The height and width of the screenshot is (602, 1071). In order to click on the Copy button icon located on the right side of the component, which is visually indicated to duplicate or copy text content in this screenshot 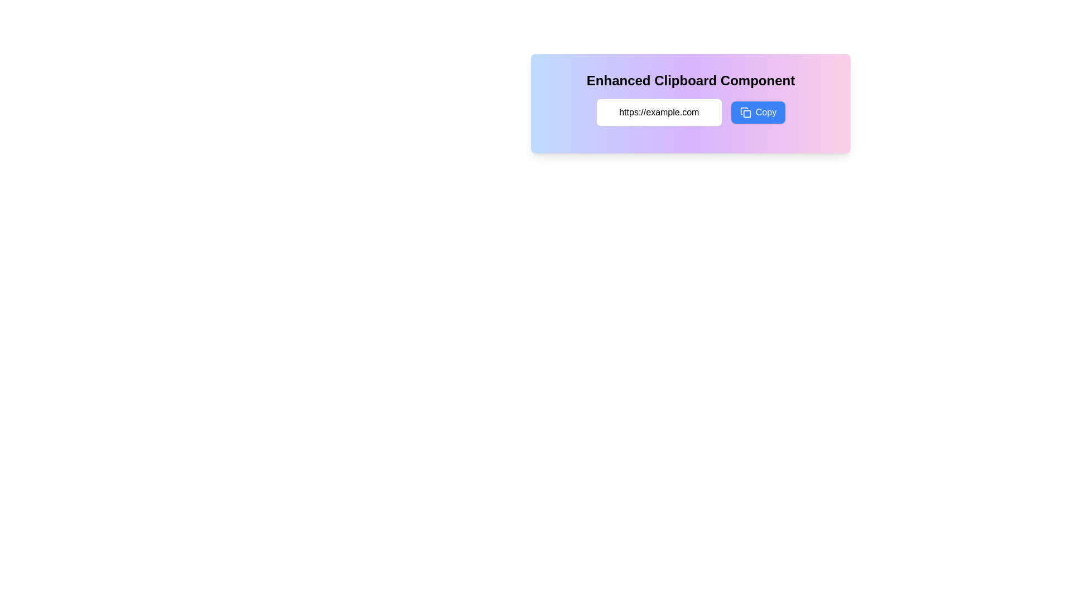, I will do `click(745, 112)`.